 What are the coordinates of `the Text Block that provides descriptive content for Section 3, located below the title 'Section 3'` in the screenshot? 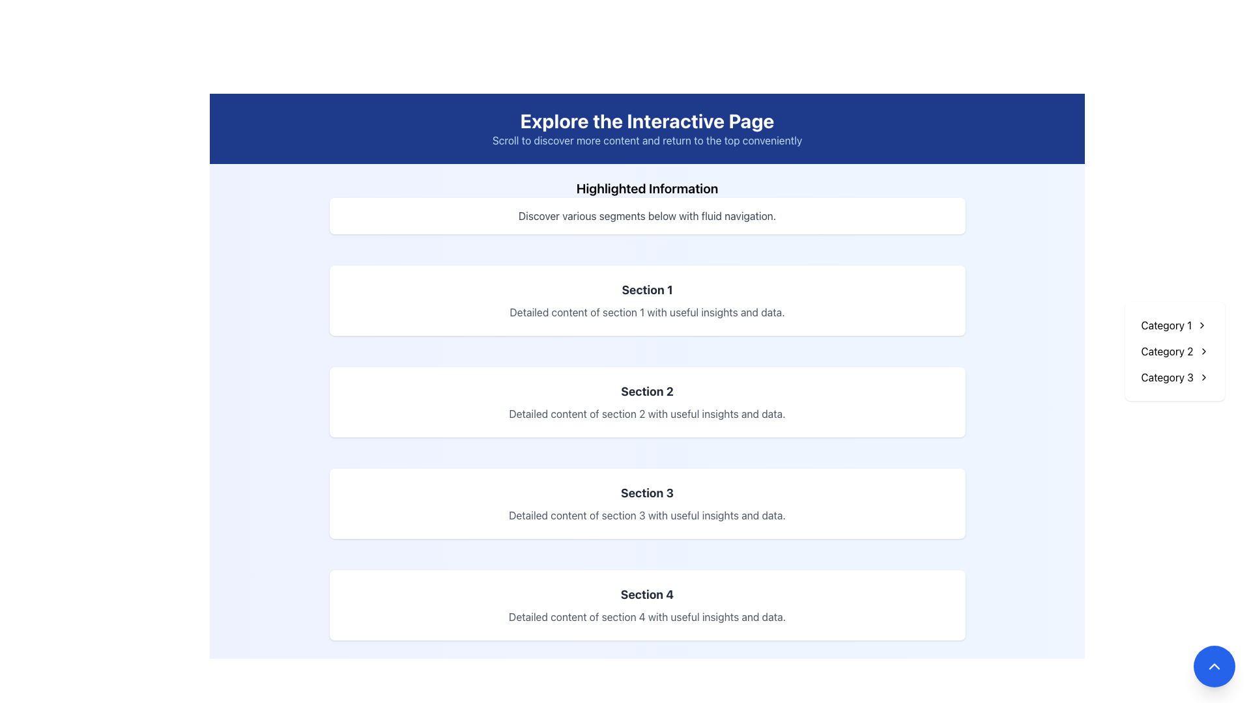 It's located at (647, 514).